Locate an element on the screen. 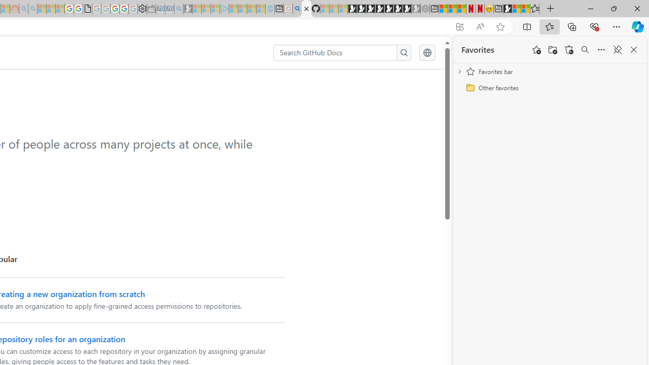 This screenshot has height=365, width=649. 'Search GitHub Docs' is located at coordinates (335, 53).